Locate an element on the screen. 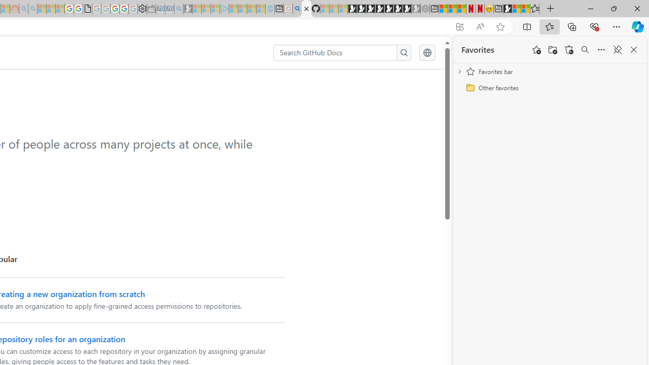 This screenshot has height=365, width=649. 'Search GitHub Docs' is located at coordinates (335, 53).